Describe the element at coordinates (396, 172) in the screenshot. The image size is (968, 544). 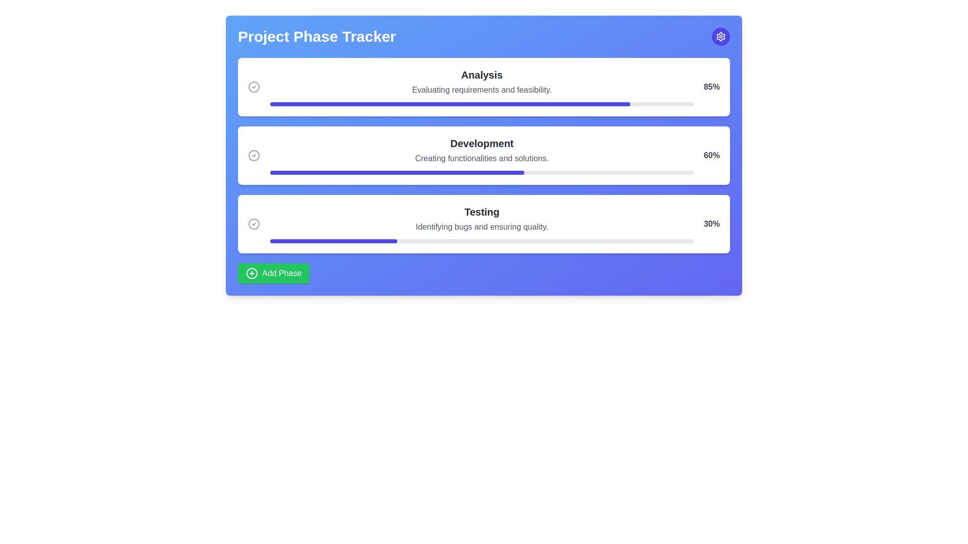
I see `current progress value from the indigo-colored progress bar fill segment located in the 'Development' section of the interface` at that location.